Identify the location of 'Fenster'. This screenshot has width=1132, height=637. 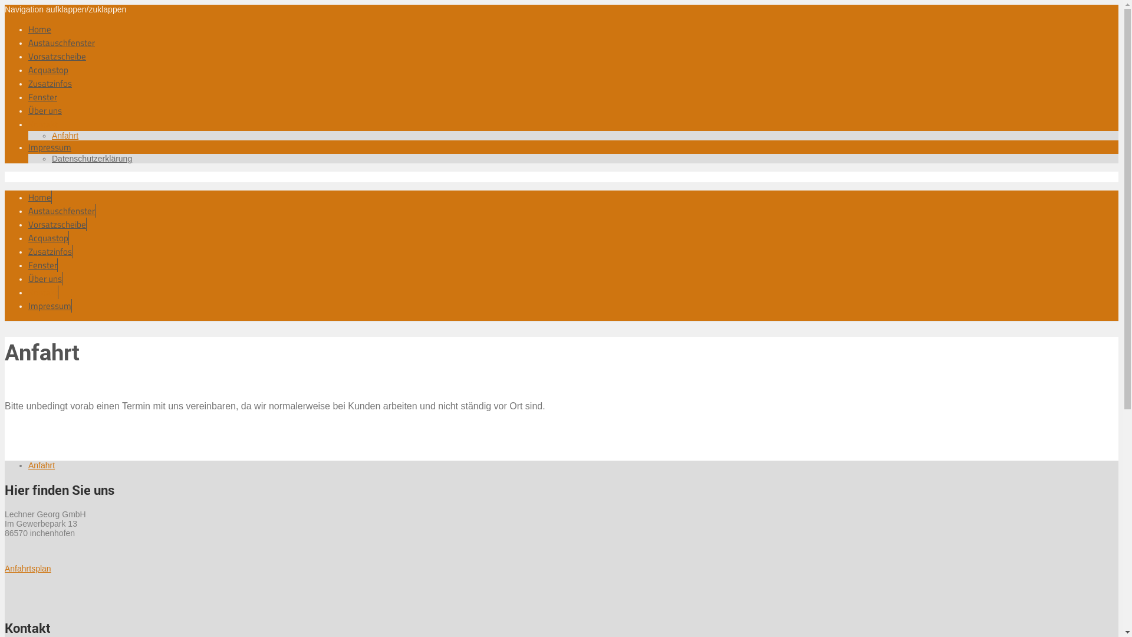
(42, 264).